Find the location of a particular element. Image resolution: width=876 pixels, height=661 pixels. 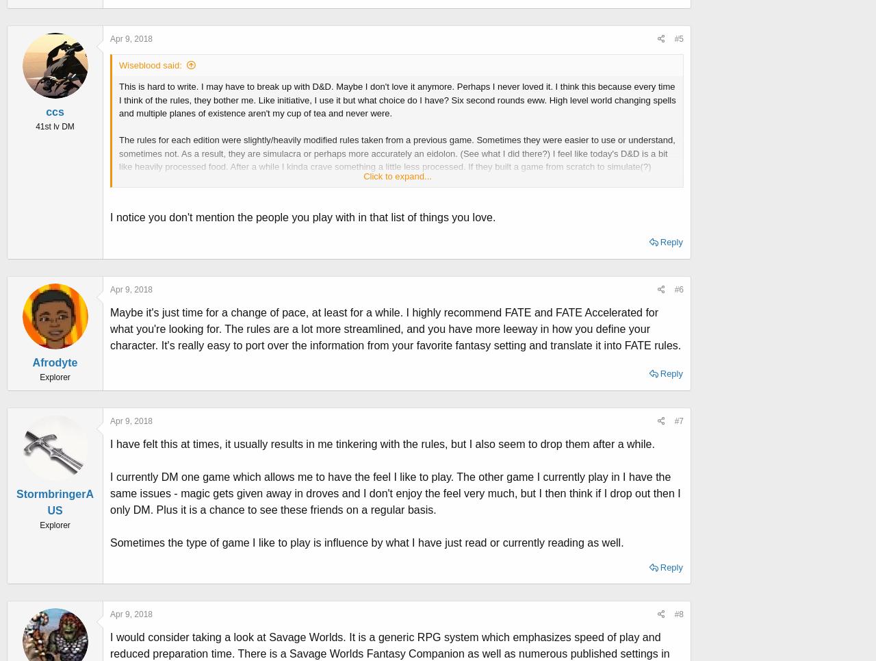

'Wiseblood said:' is located at coordinates (118, 64).